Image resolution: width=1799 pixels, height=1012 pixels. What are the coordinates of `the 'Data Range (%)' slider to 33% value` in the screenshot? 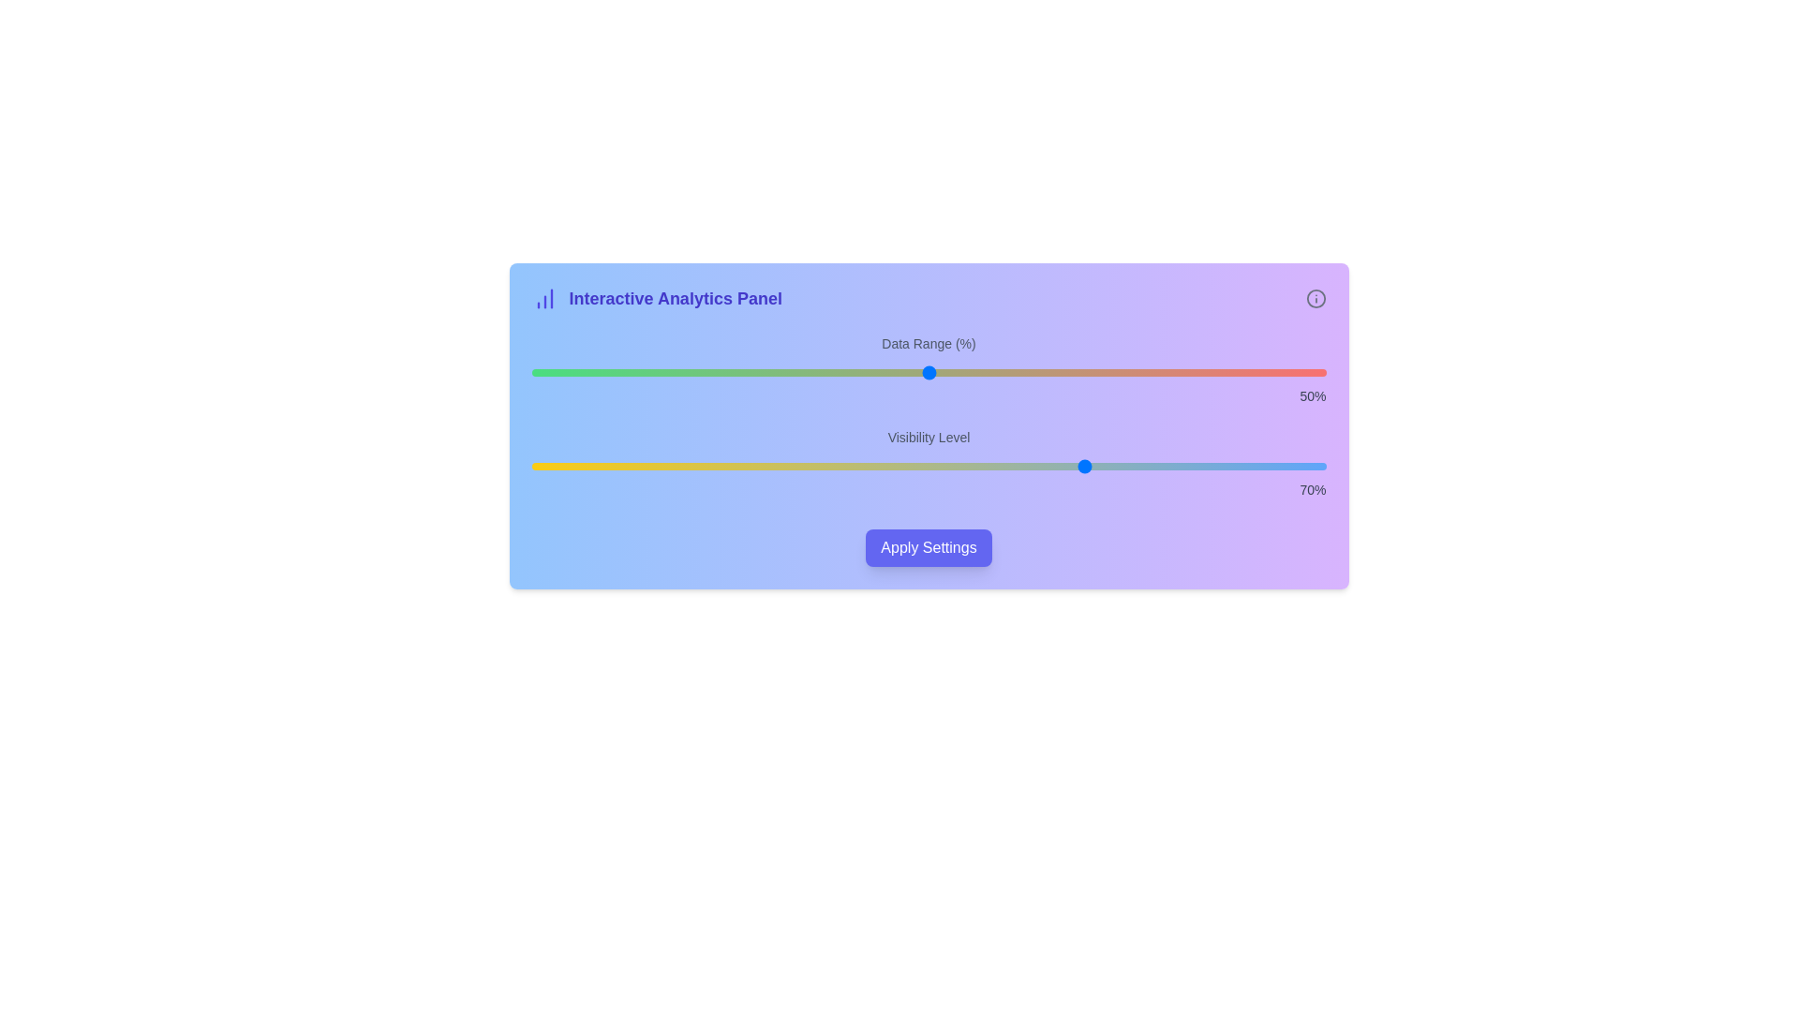 It's located at (794, 372).